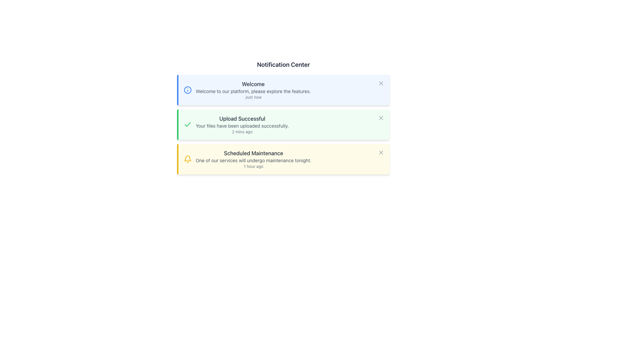 The width and height of the screenshot is (638, 359). Describe the element at coordinates (187, 90) in the screenshot. I see `the circular icon with a blue border and a white center located in the top notification card of the 'Notification Center', positioned to the left of the card title 'Welcome'` at that location.